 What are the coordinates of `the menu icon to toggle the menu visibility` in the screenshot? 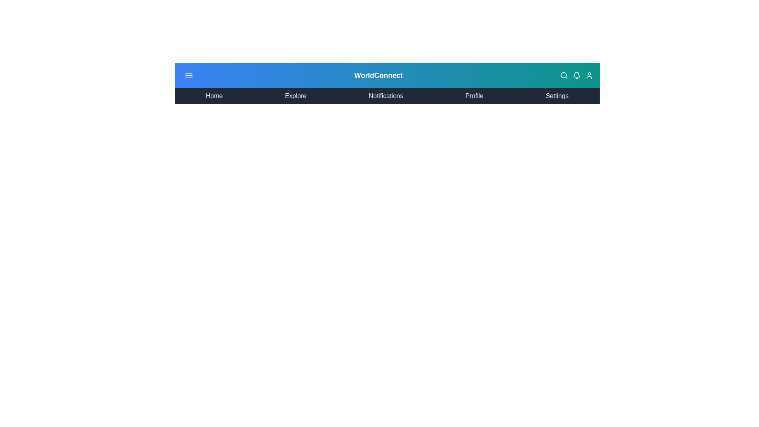 It's located at (189, 76).